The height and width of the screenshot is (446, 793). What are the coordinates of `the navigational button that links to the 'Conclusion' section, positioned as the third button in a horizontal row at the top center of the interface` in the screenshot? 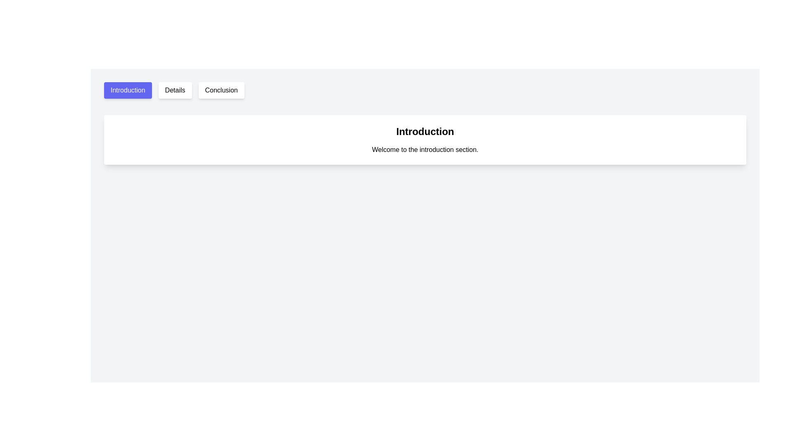 It's located at (221, 90).